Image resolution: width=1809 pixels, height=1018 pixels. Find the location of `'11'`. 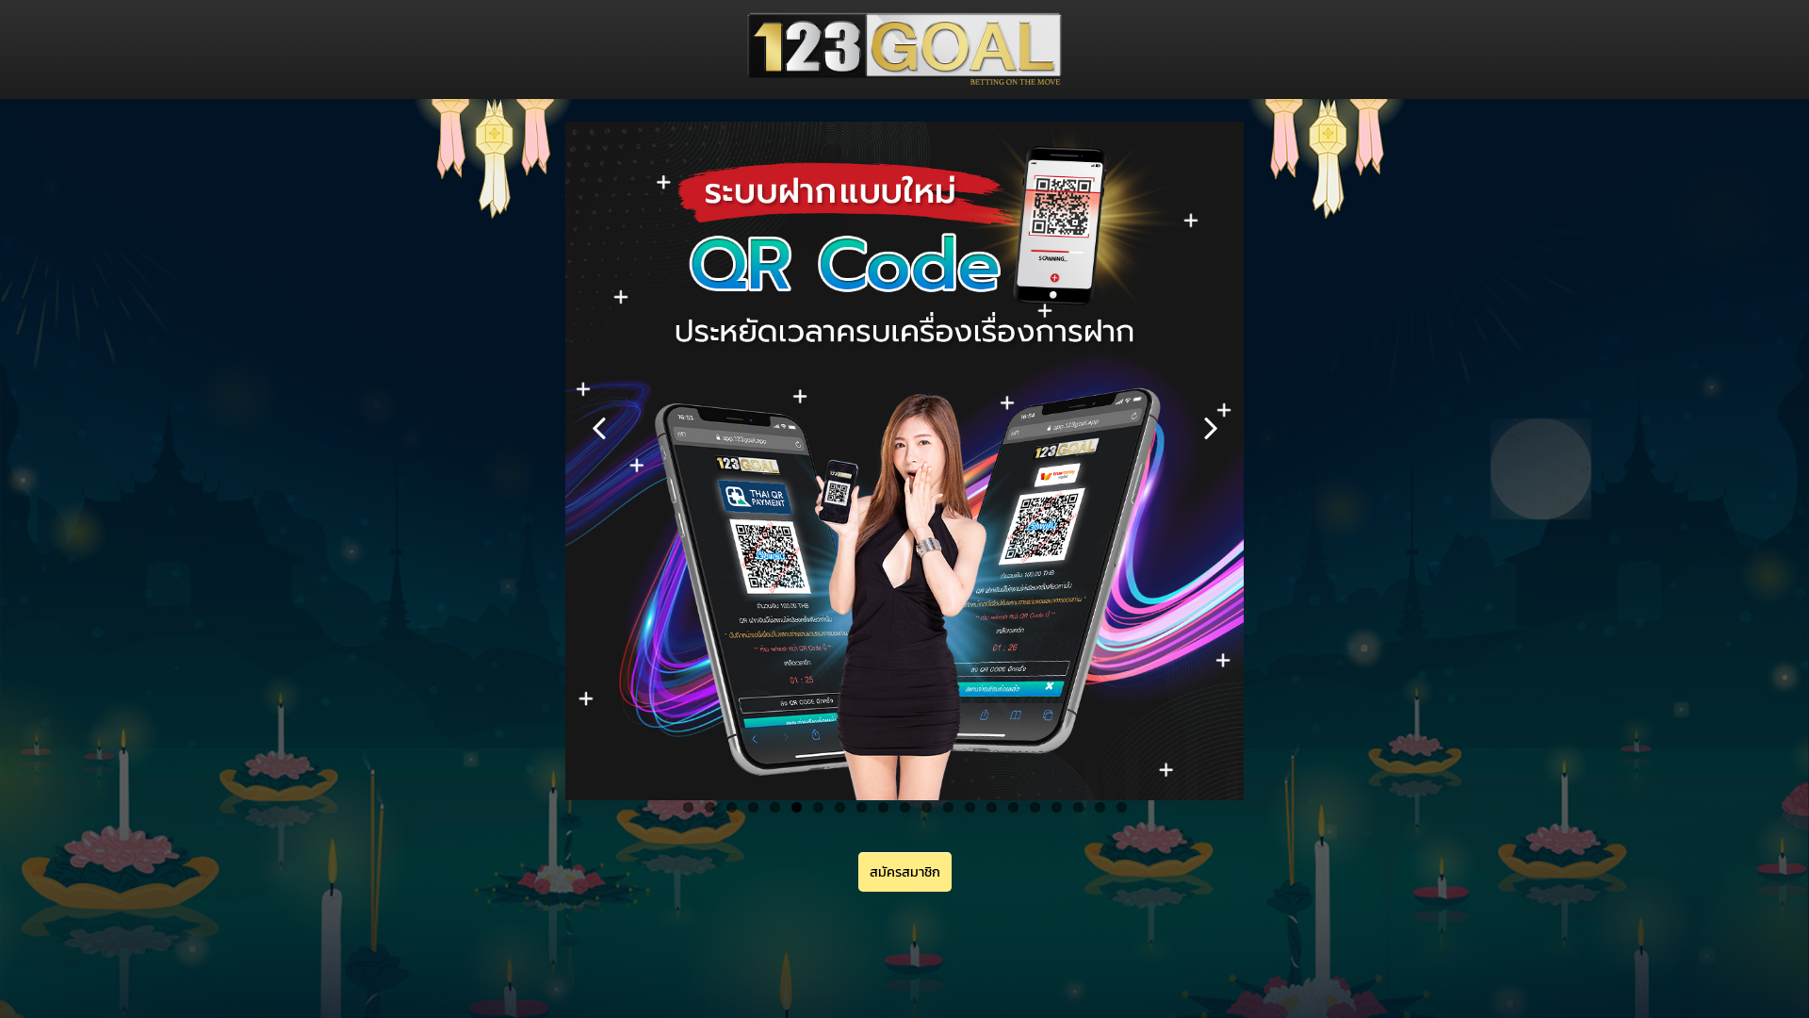

'11' is located at coordinates (903, 806).